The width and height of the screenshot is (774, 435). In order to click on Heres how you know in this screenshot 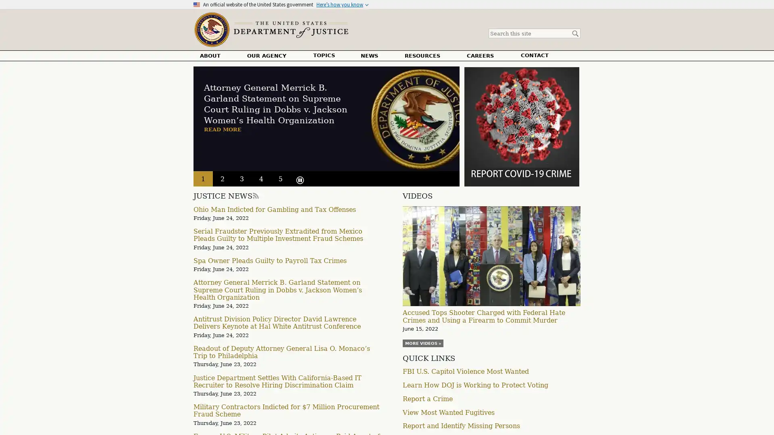, I will do `click(342, 4)`.